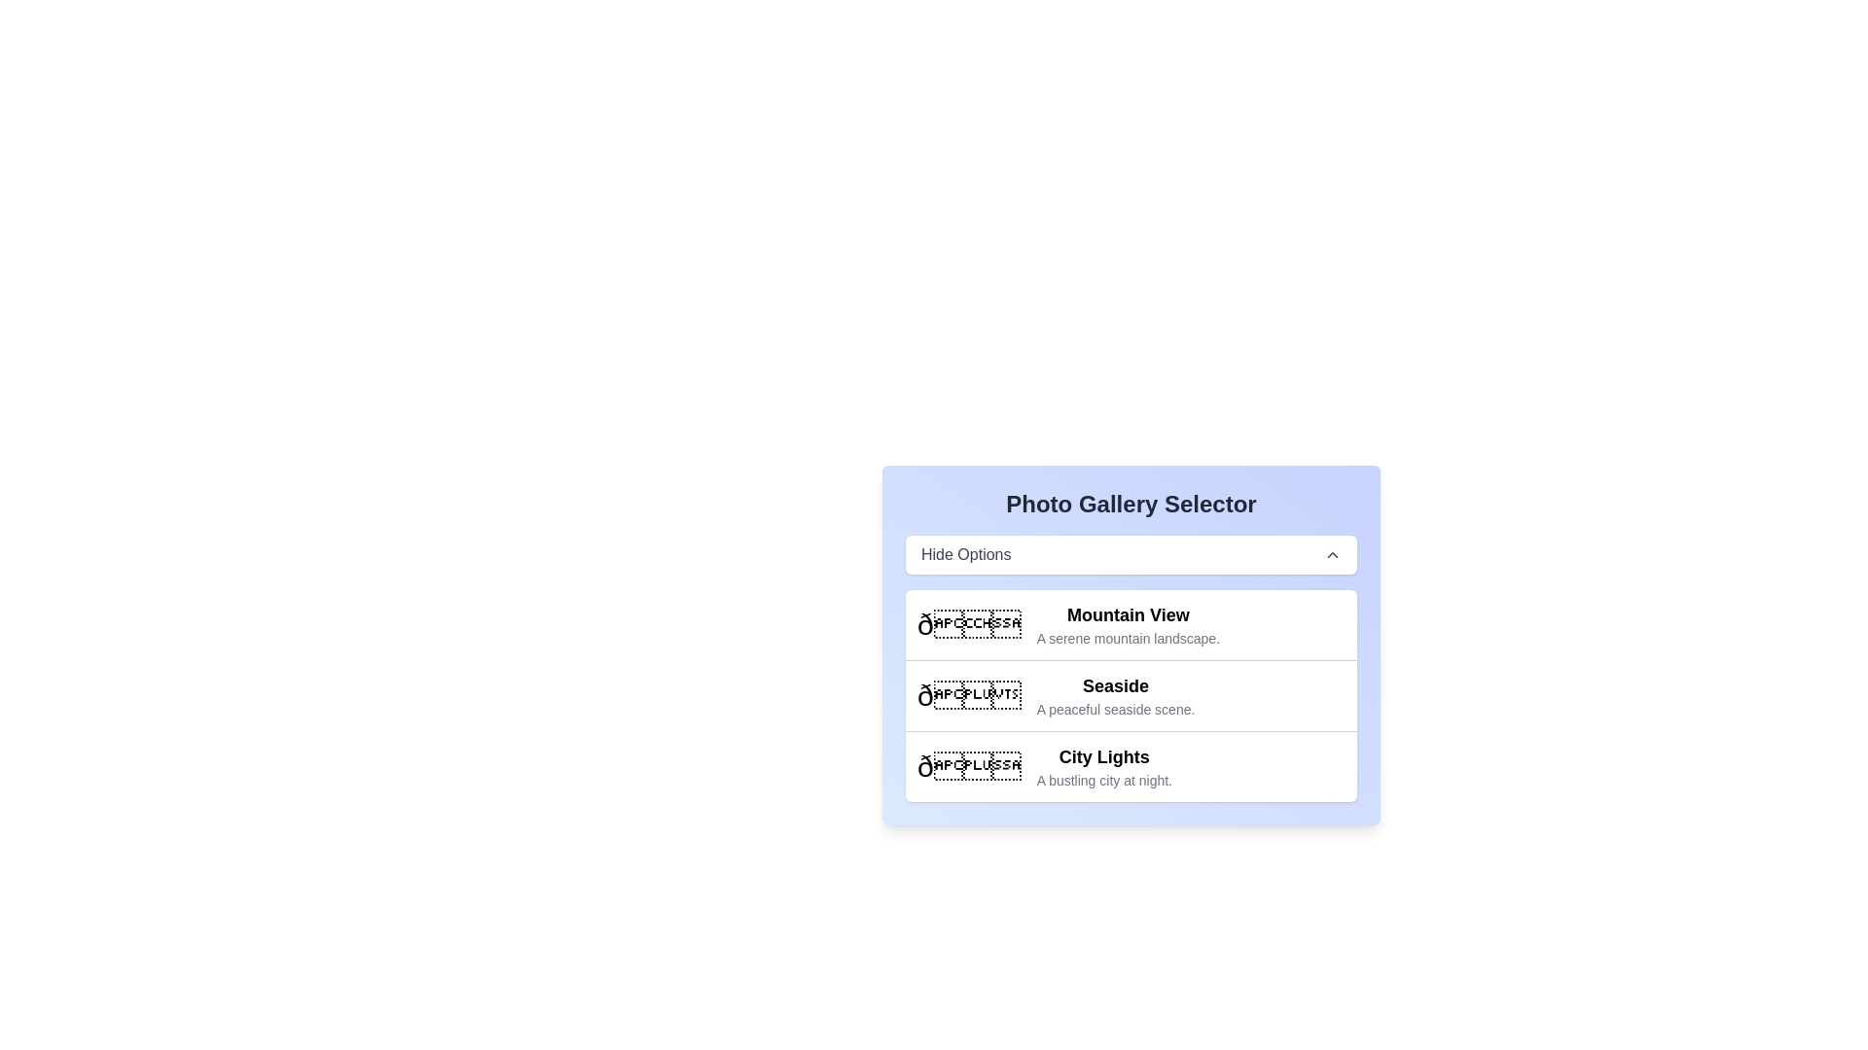 This screenshot has width=1868, height=1050. I want to click on the text label component that displays a bold title 'Mountain View' and a subtitle 'A serene mountain landscape.', located in the second row of a vertically stacked list, so click(1128, 625).